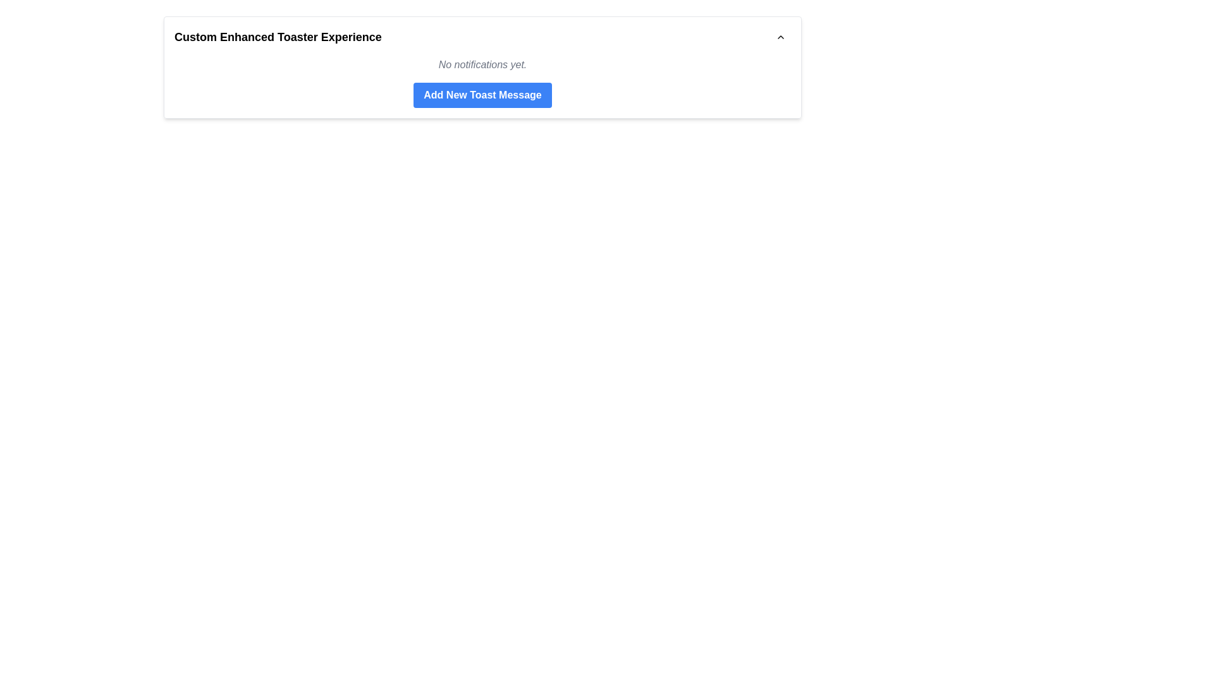 The width and height of the screenshot is (1214, 682). I want to click on the button located on the far right of the header bar labeled 'Custom Enhanced Toaster Experience', so click(780, 36).